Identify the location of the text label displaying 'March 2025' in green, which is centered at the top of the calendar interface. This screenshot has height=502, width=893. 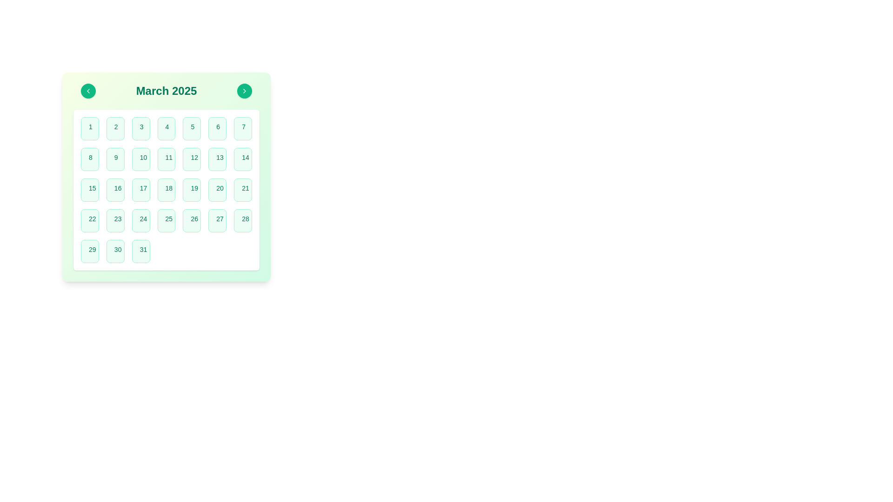
(167, 91).